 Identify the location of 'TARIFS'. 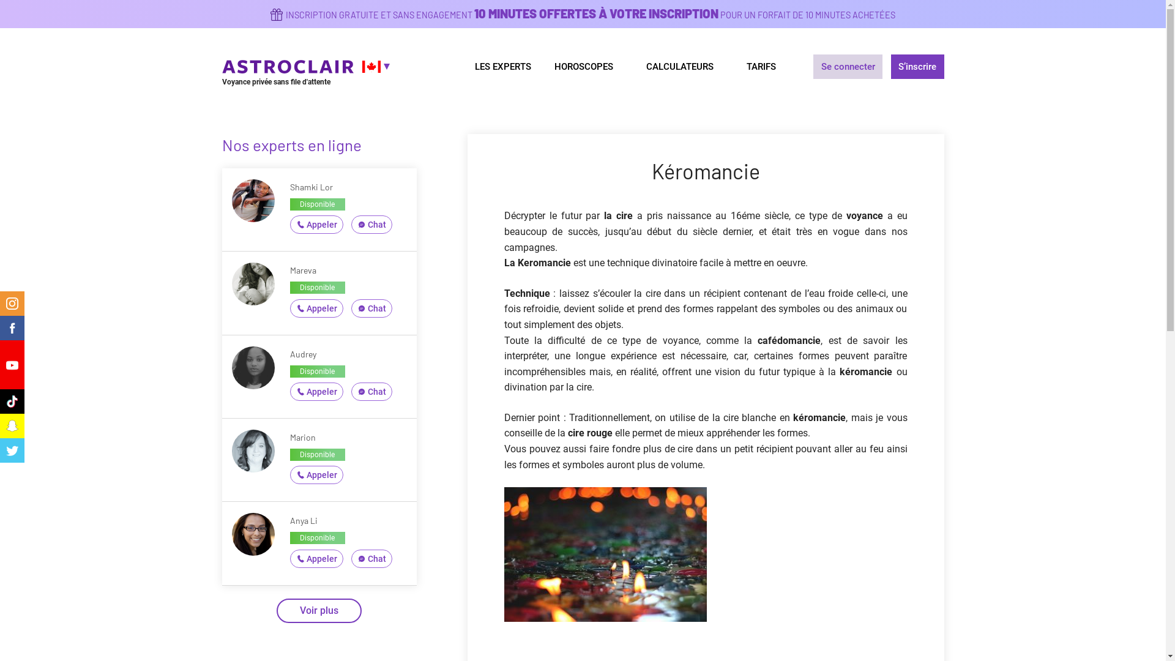
(761, 66).